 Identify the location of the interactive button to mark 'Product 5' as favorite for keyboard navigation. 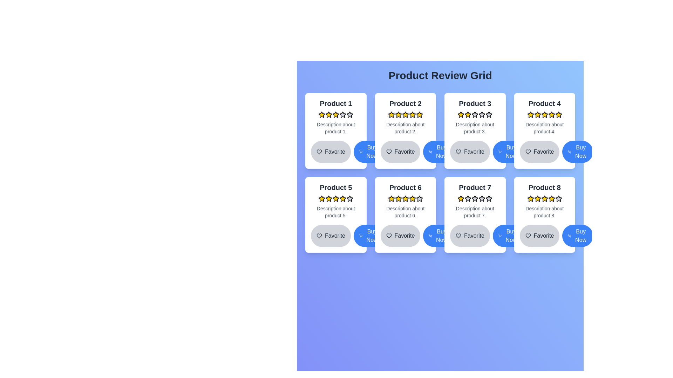
(330, 236).